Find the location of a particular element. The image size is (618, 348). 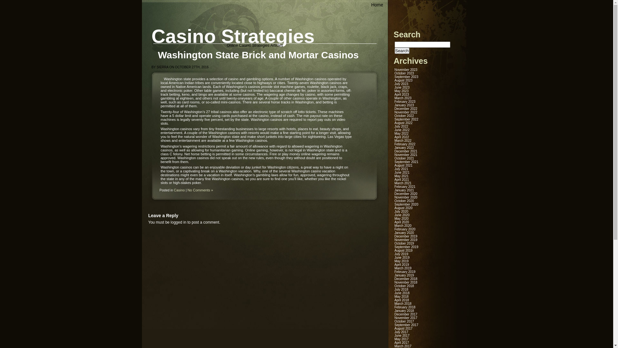

'October 2021' is located at coordinates (404, 158).